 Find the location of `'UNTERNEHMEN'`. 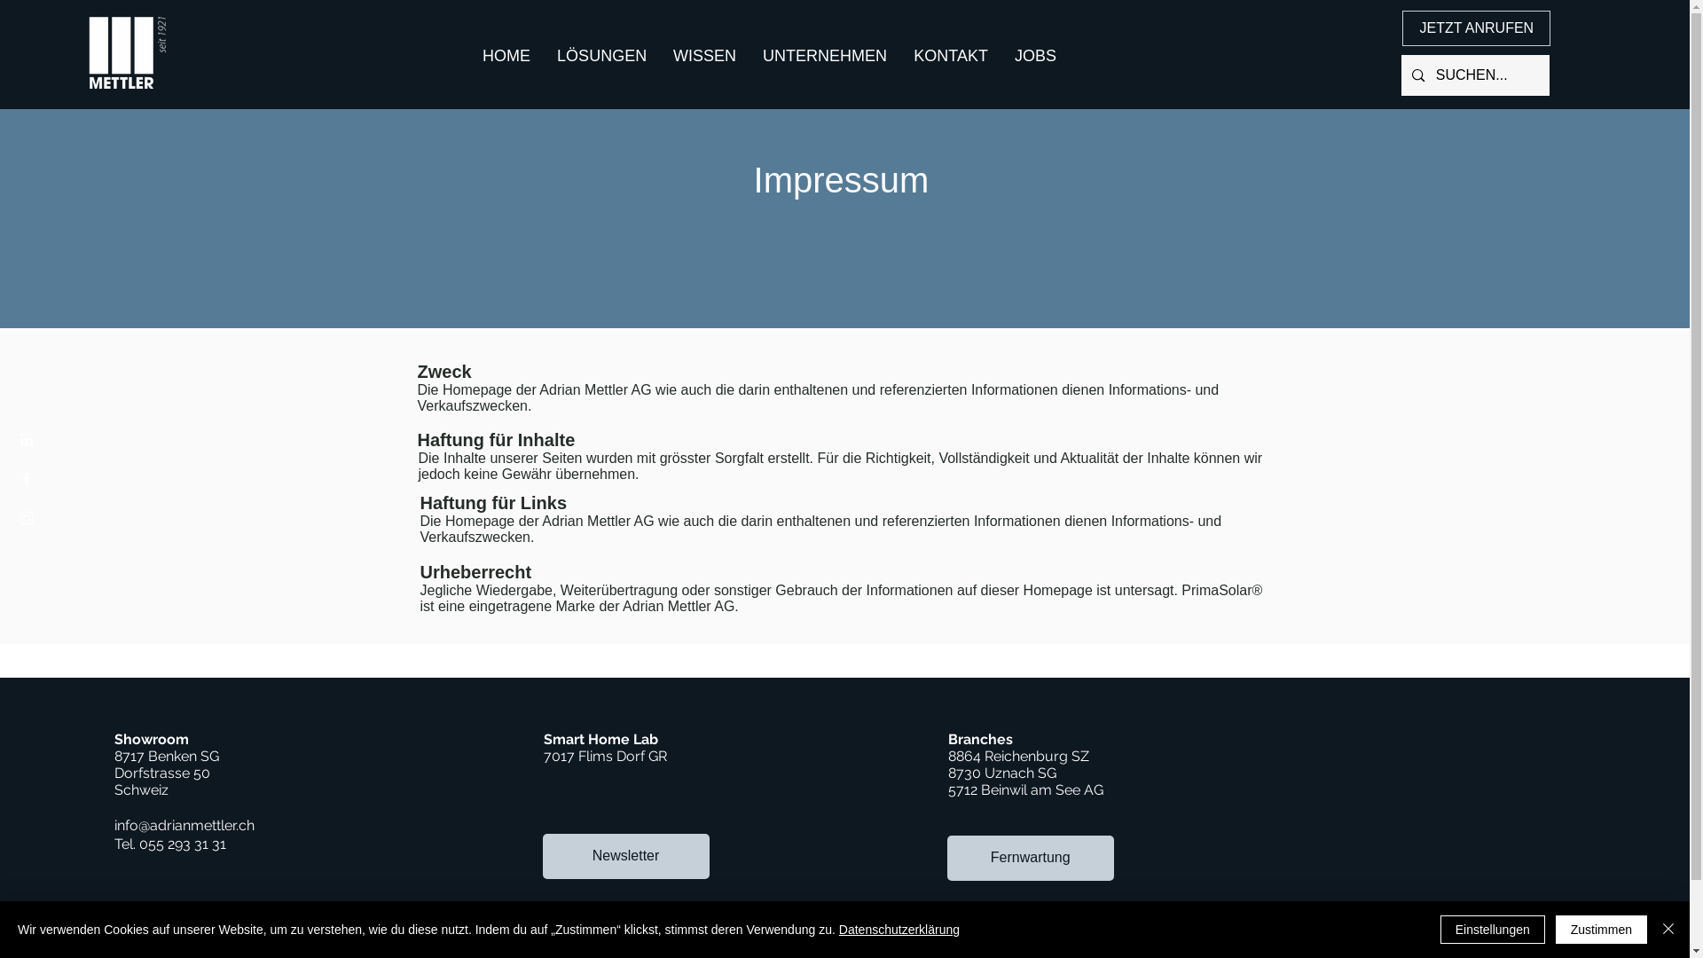

'UNTERNEHMEN' is located at coordinates (824, 54).